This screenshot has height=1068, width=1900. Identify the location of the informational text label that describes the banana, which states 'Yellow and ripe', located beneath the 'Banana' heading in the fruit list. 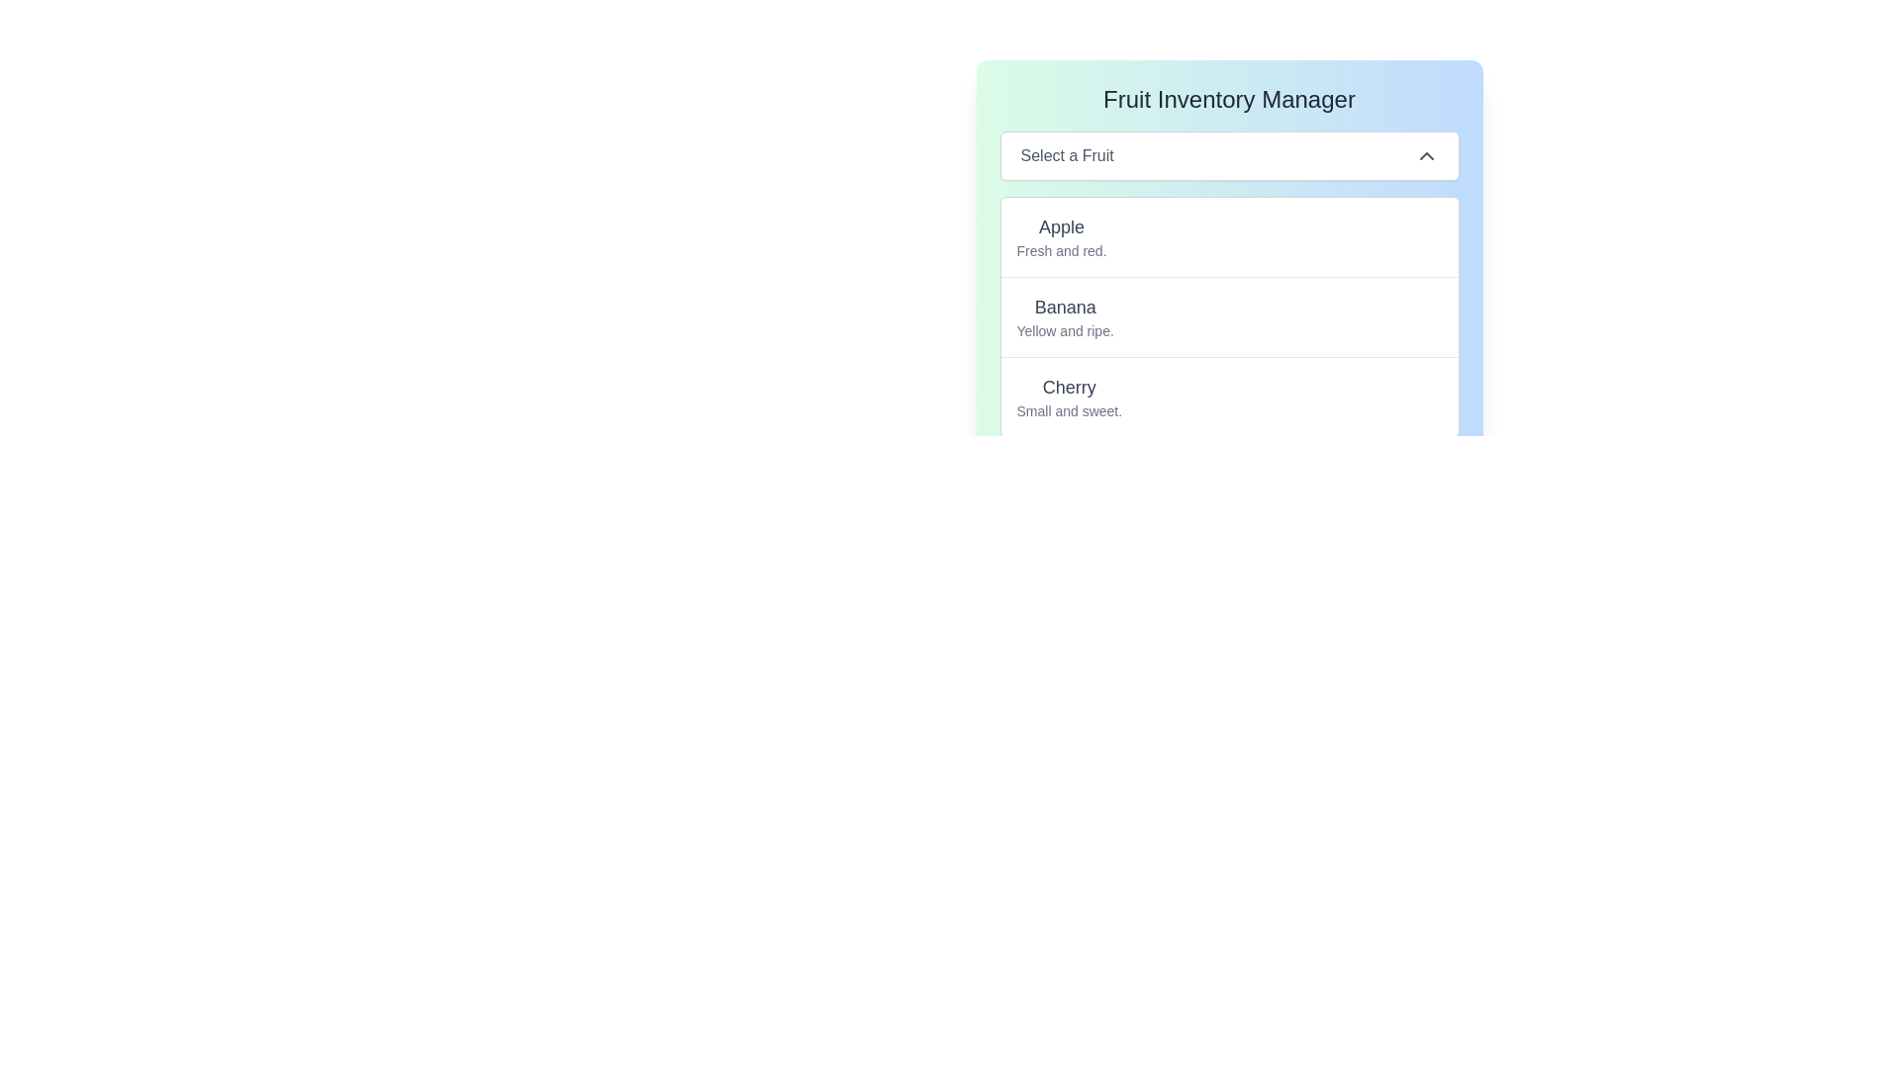
(1064, 330).